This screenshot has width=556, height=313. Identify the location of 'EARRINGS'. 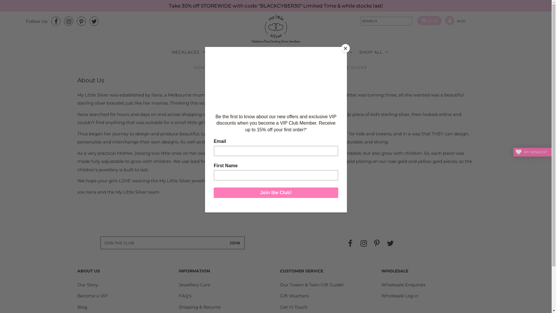
(226, 52).